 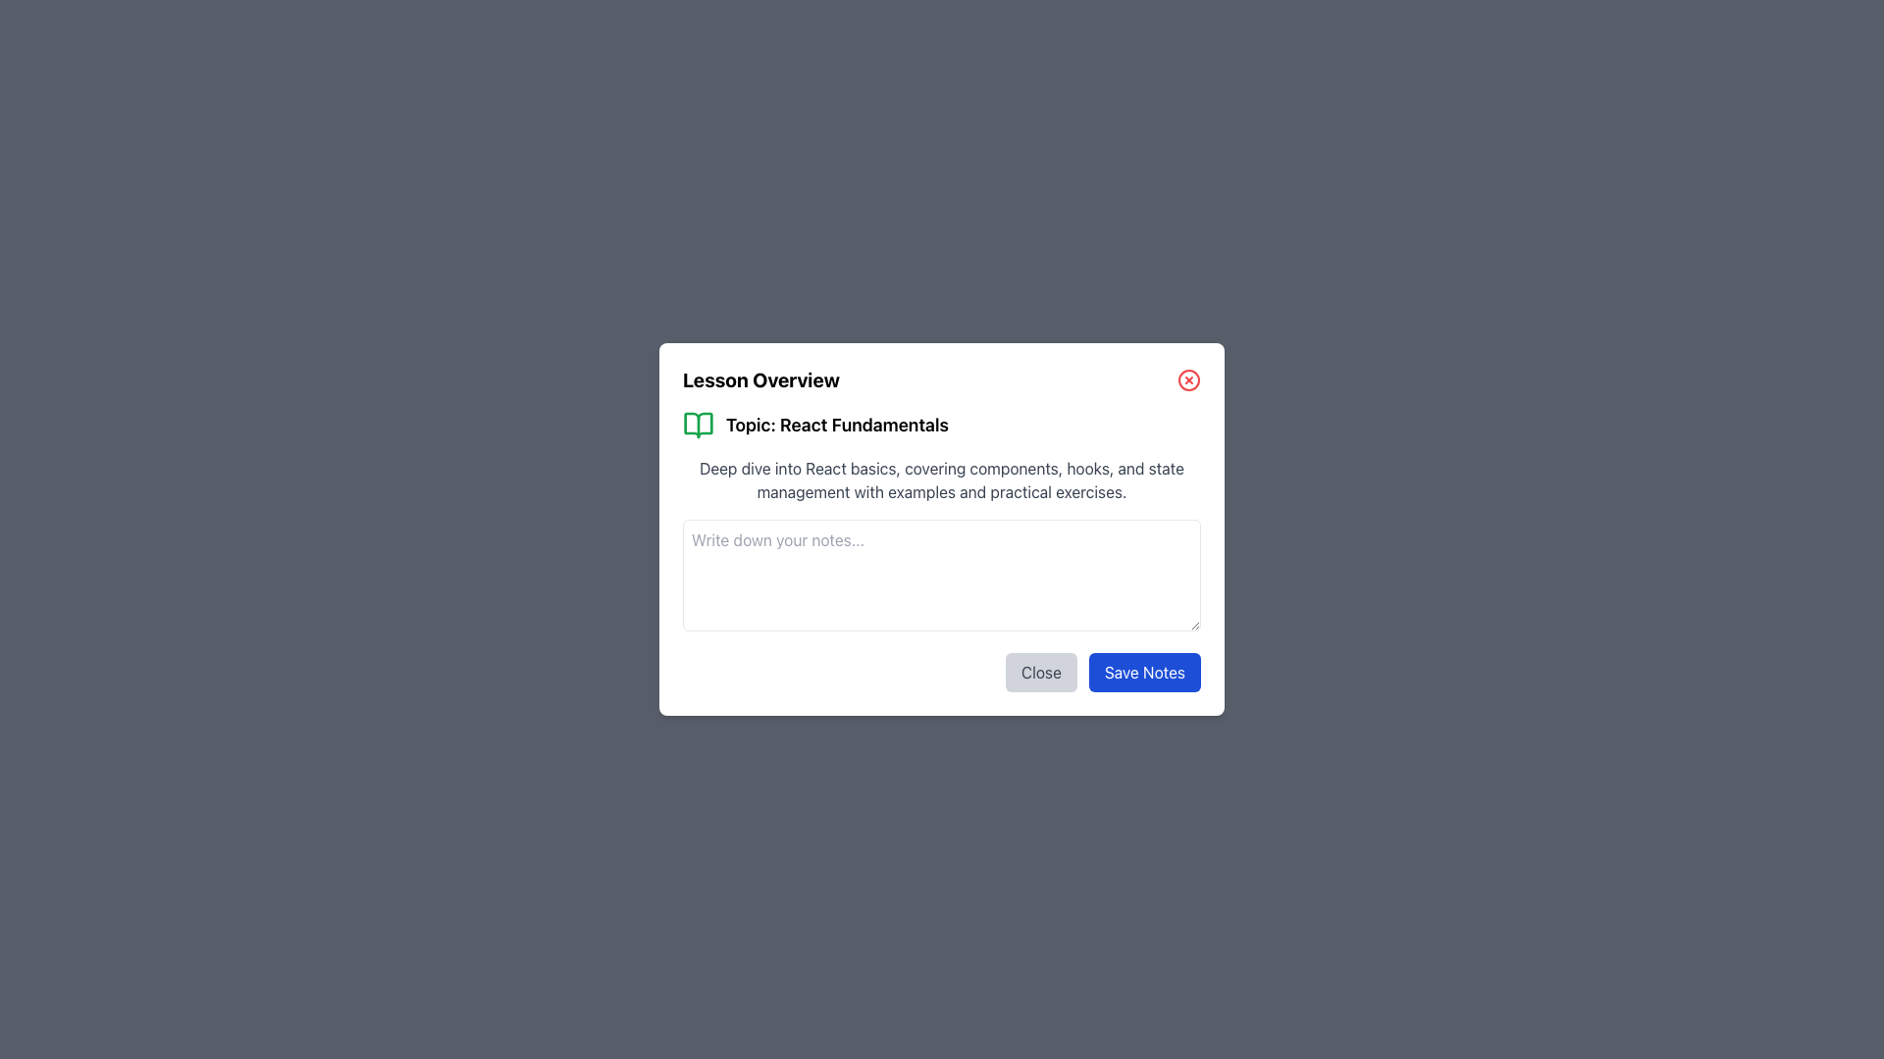 I want to click on the close button located at the top-right corner of the 'Lesson Overview' section header, so click(x=1187, y=380).